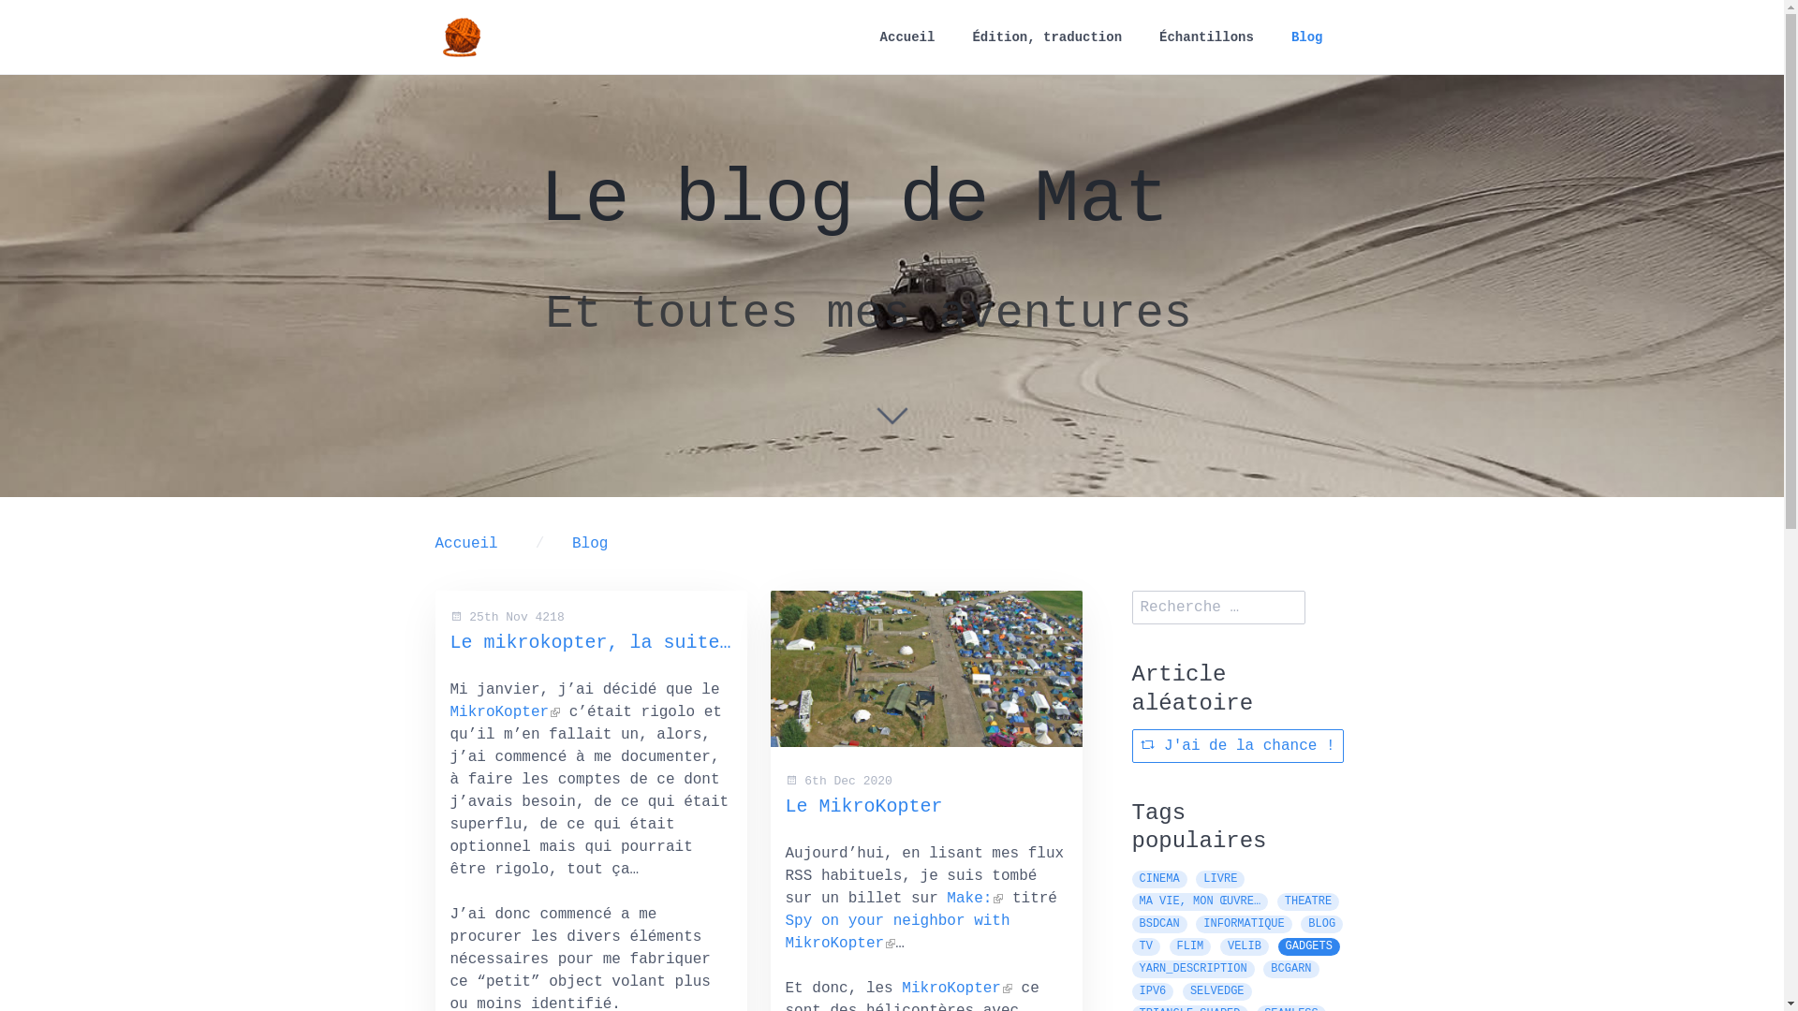 The image size is (1798, 1011). What do you see at coordinates (1290, 969) in the screenshot?
I see `'BCGARN'` at bounding box center [1290, 969].